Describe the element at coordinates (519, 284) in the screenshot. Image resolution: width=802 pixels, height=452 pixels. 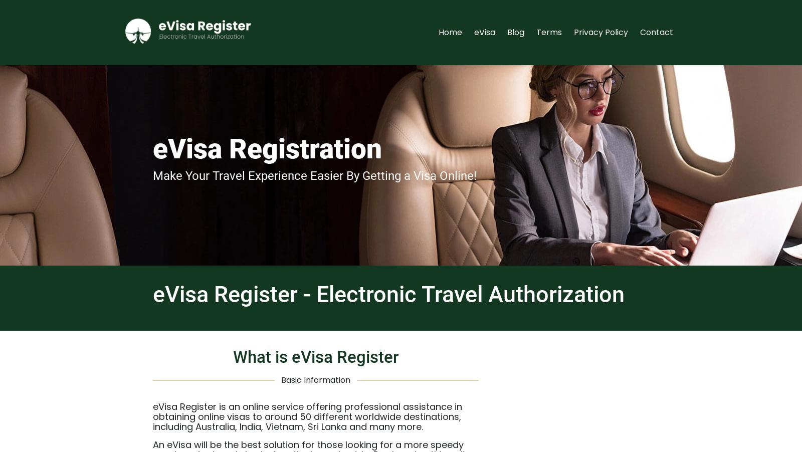
I see `'Saudi Arabia eVisa'` at that location.